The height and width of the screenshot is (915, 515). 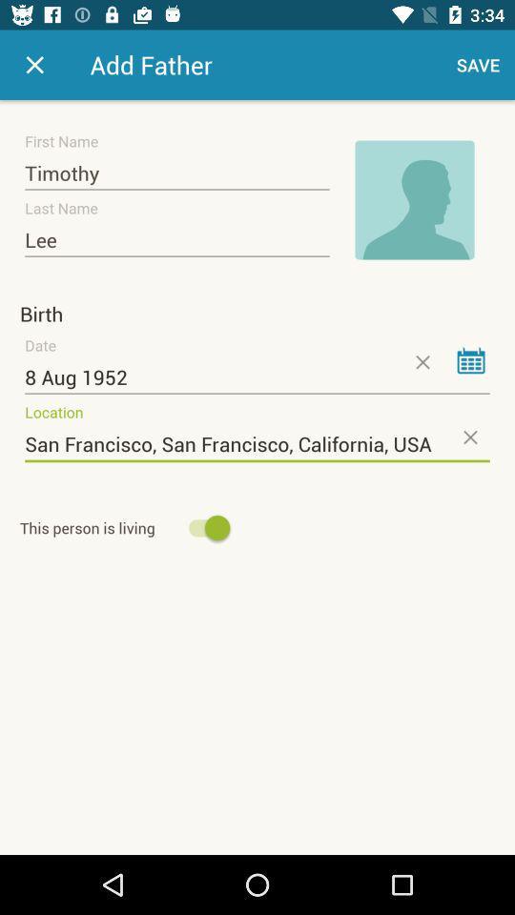 What do you see at coordinates (477, 65) in the screenshot?
I see `item next to the add father` at bounding box center [477, 65].